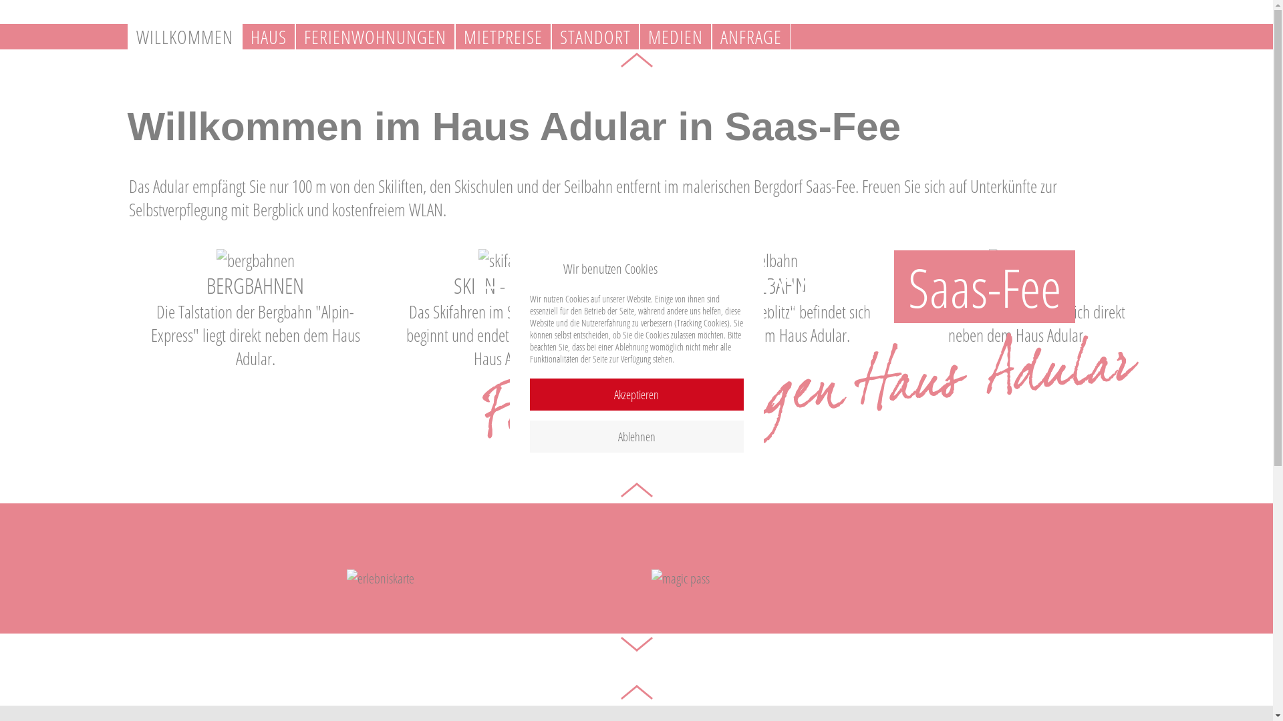 The width and height of the screenshot is (1283, 721). Describe the element at coordinates (593, 35) in the screenshot. I see `'STANDORT'` at that location.